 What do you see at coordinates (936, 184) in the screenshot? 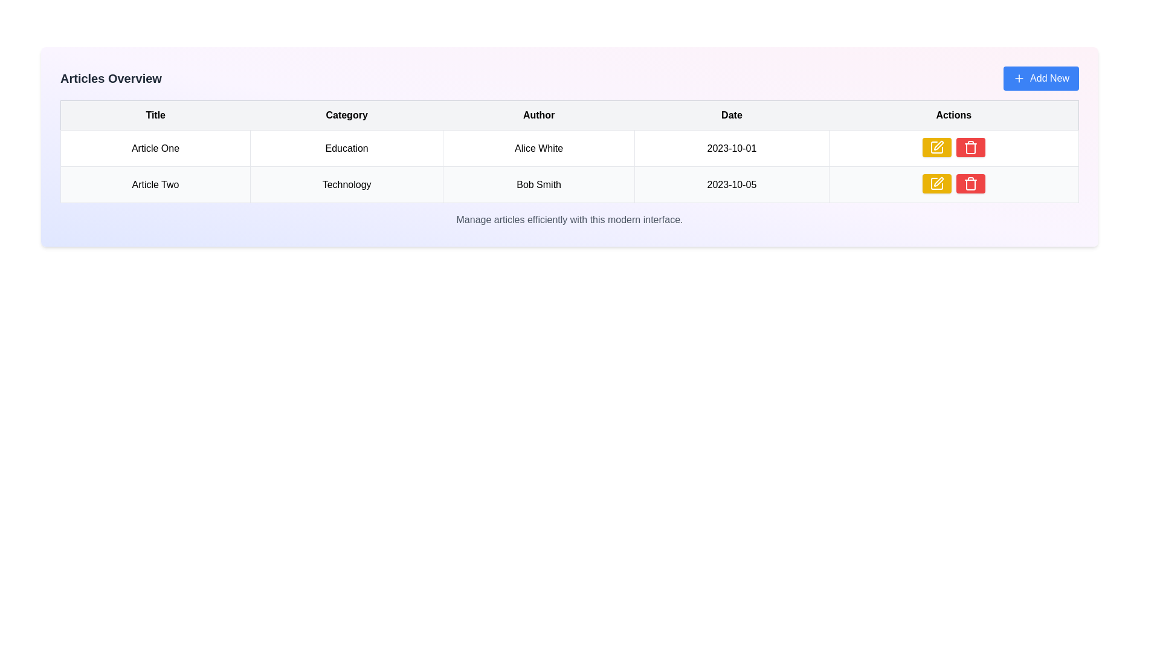
I see `the yellow button with a white pen icon located in the 'Actions' column of the second row to observe its hover effect` at bounding box center [936, 184].